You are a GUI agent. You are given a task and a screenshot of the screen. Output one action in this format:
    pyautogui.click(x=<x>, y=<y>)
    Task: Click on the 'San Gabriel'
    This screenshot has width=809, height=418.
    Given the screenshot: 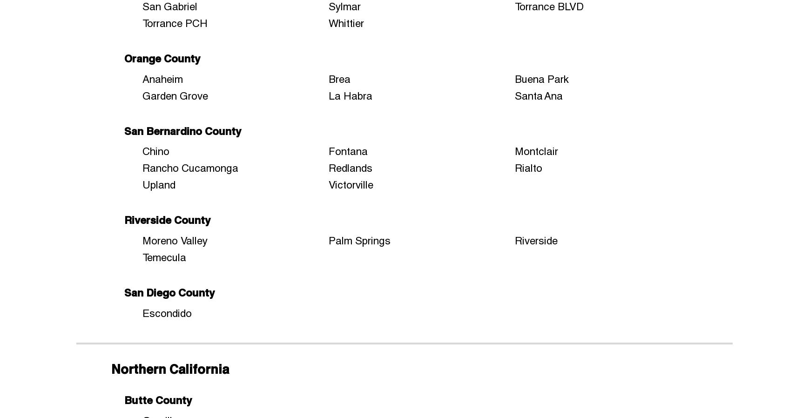 What is the action you would take?
    pyautogui.click(x=169, y=6)
    